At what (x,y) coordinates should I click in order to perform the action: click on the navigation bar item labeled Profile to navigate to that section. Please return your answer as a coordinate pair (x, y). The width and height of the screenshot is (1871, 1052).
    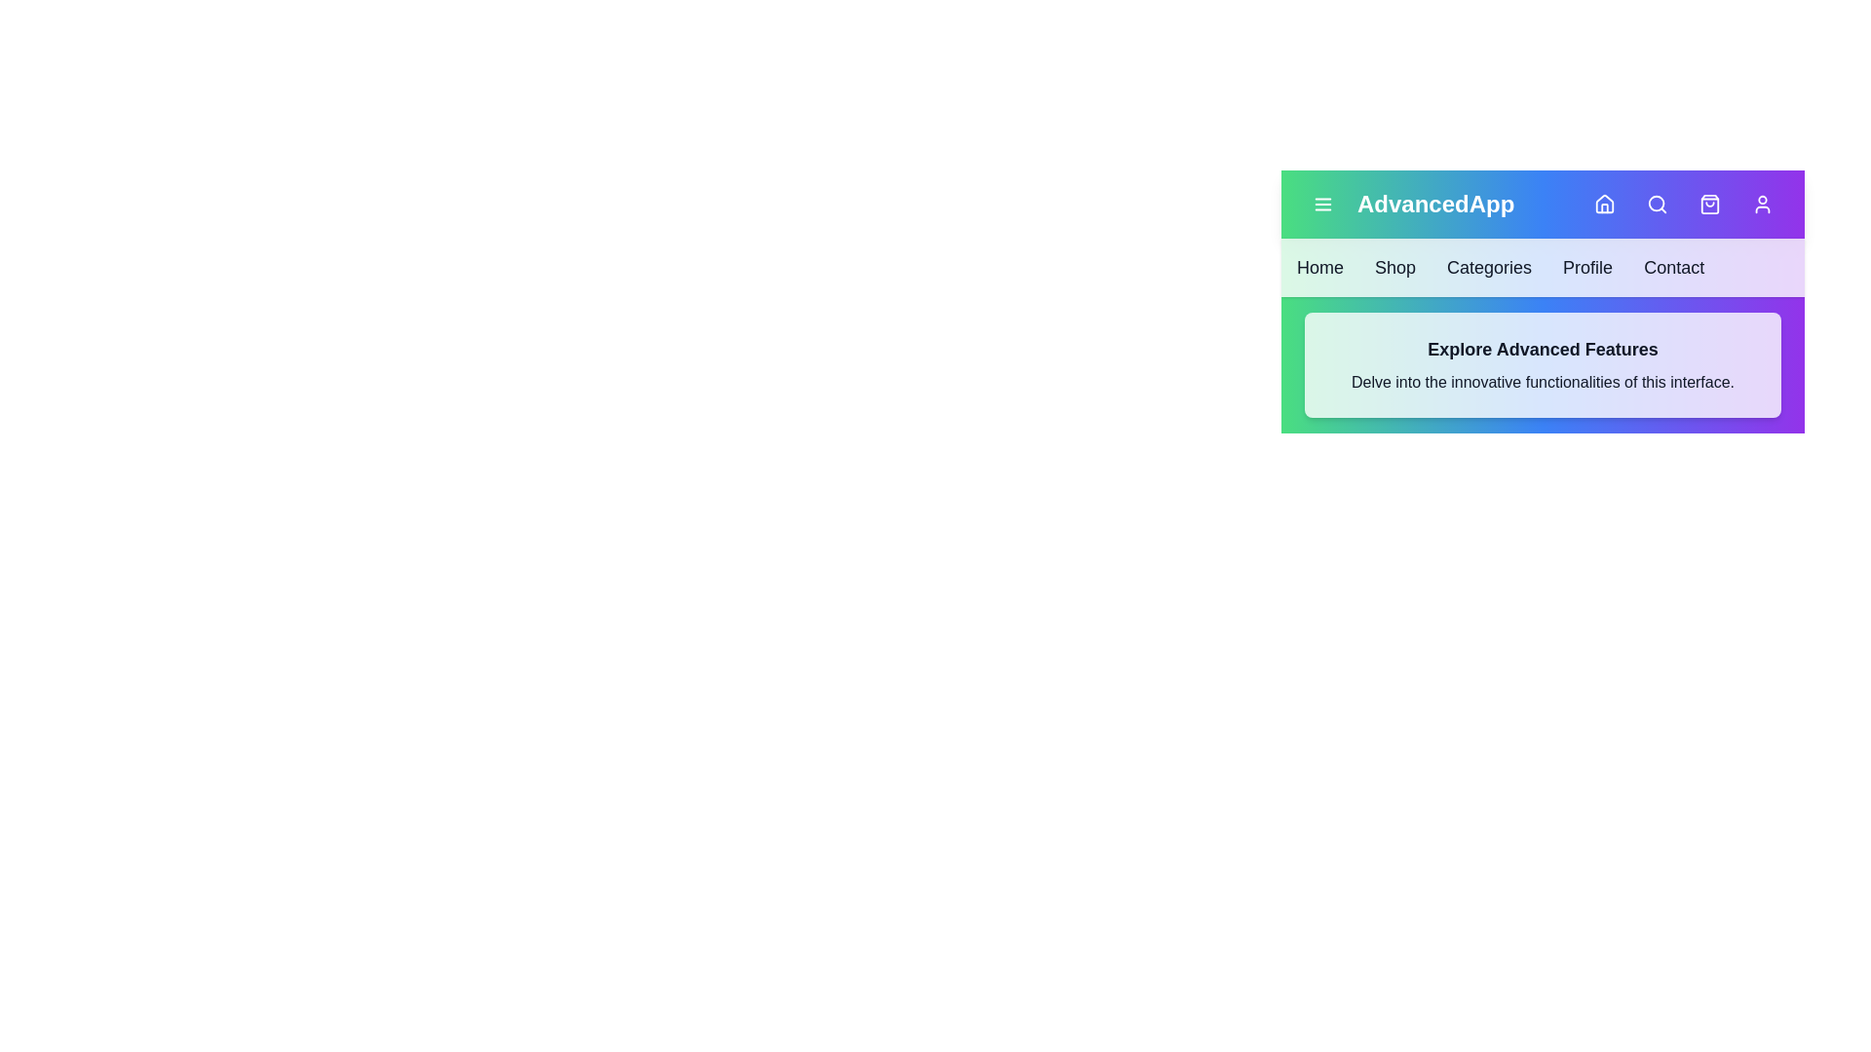
    Looking at the image, I should click on (1586, 267).